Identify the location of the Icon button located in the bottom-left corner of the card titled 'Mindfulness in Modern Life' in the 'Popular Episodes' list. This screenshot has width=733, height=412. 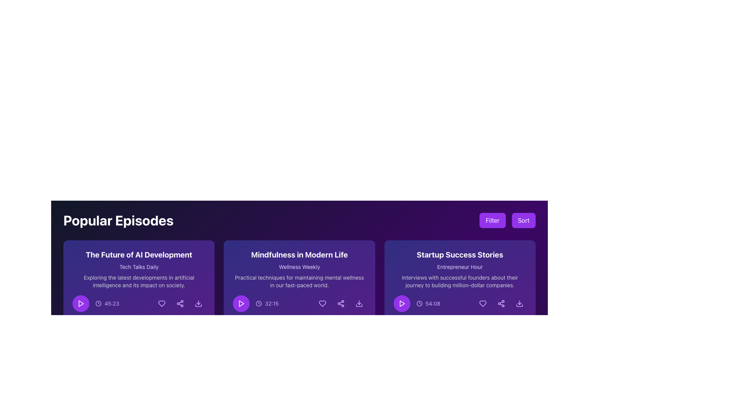
(241, 303).